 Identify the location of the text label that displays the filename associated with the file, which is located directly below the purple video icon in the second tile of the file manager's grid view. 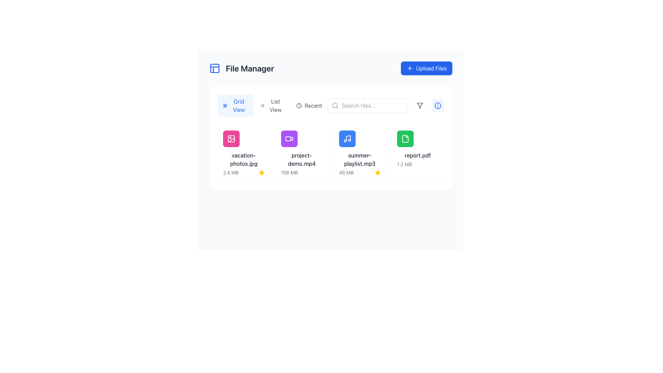
(301, 160).